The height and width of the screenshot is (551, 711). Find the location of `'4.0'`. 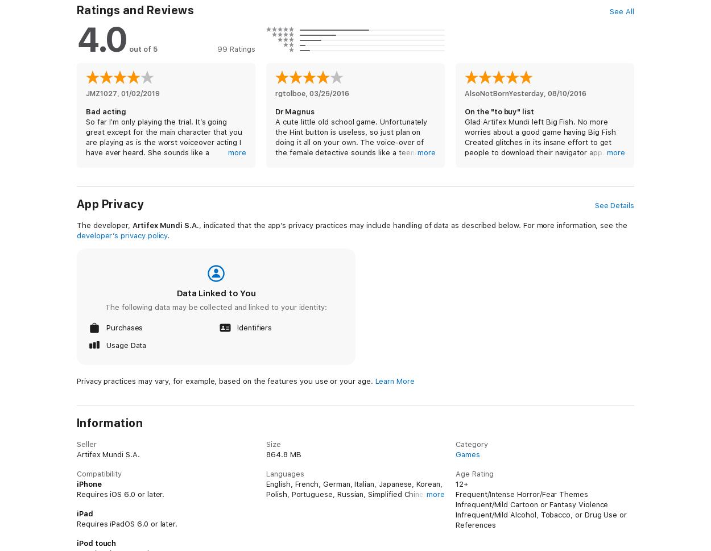

'4.0' is located at coordinates (101, 39).